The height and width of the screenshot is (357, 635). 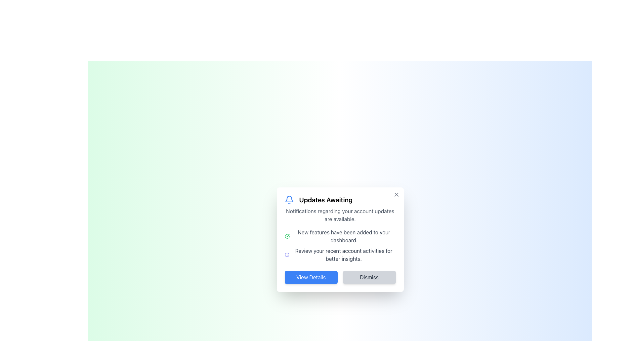 I want to click on the 'Dismiss' button, which is a rectangular button with rounded corners, light gray background, and bold dark text, positioned to the right of the 'View Details' button at the bottom of a modal window, so click(x=369, y=277).